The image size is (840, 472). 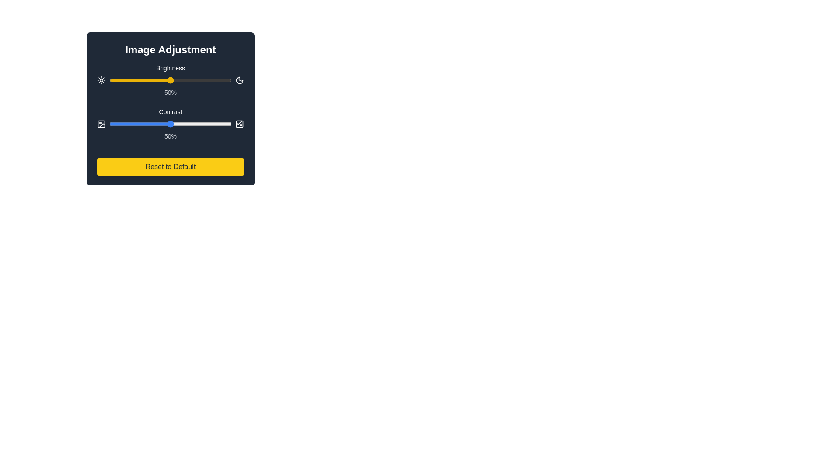 I want to click on the contrast level, so click(x=127, y=124).